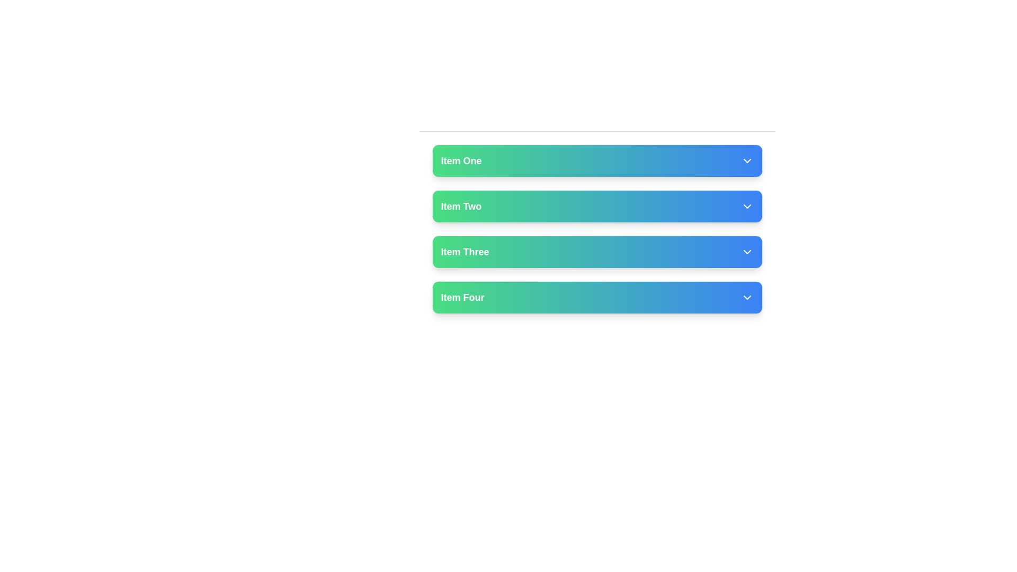 This screenshot has width=1017, height=572. I want to click on the third button in a vertically stacked list of buttons, so click(597, 252).